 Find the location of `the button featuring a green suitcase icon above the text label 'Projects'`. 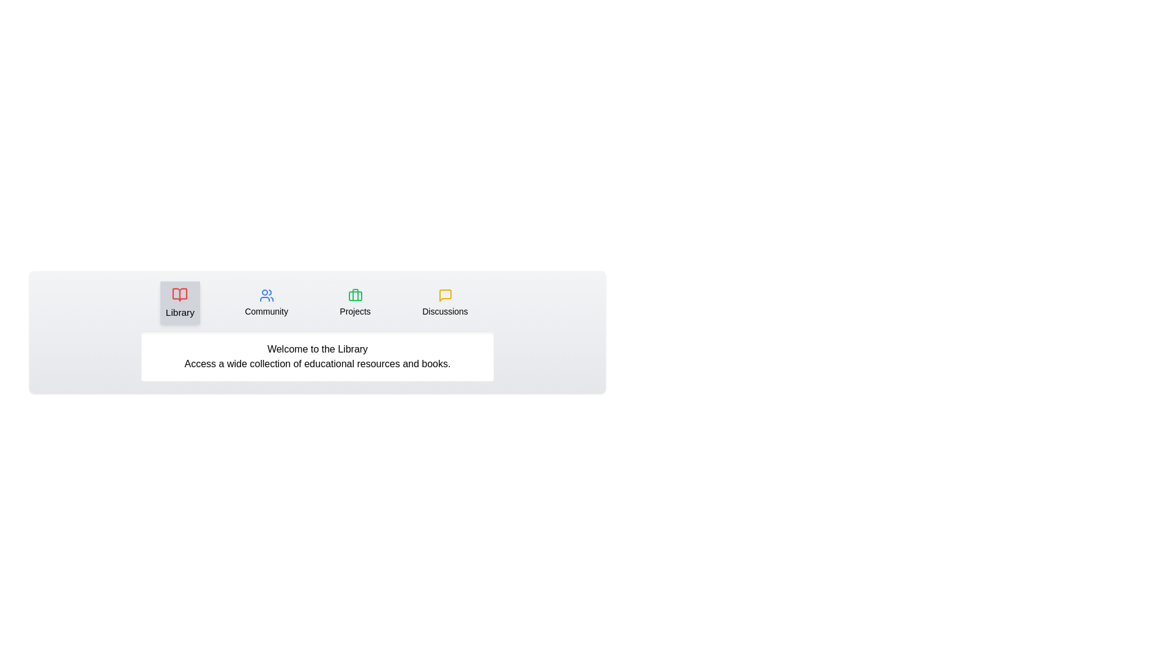

the button featuring a green suitcase icon above the text label 'Projects' is located at coordinates (354, 302).